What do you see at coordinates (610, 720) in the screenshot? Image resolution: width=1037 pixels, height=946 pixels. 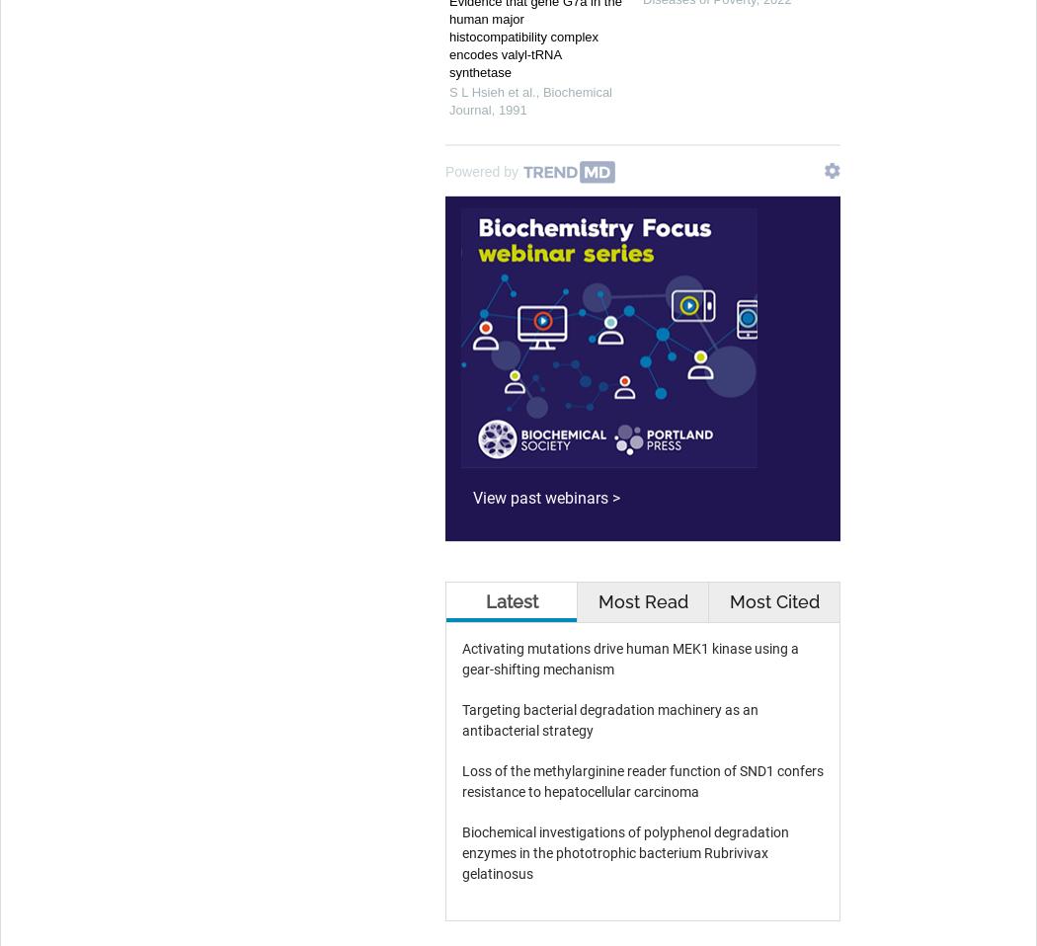 I see `'Targeting bacterial degradation machinery as an antibacterial strategy'` at bounding box center [610, 720].